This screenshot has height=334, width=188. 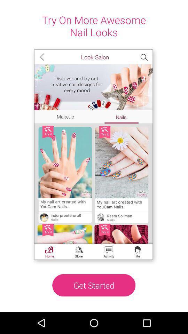 What do you see at coordinates (94, 285) in the screenshot?
I see `the get started` at bounding box center [94, 285].